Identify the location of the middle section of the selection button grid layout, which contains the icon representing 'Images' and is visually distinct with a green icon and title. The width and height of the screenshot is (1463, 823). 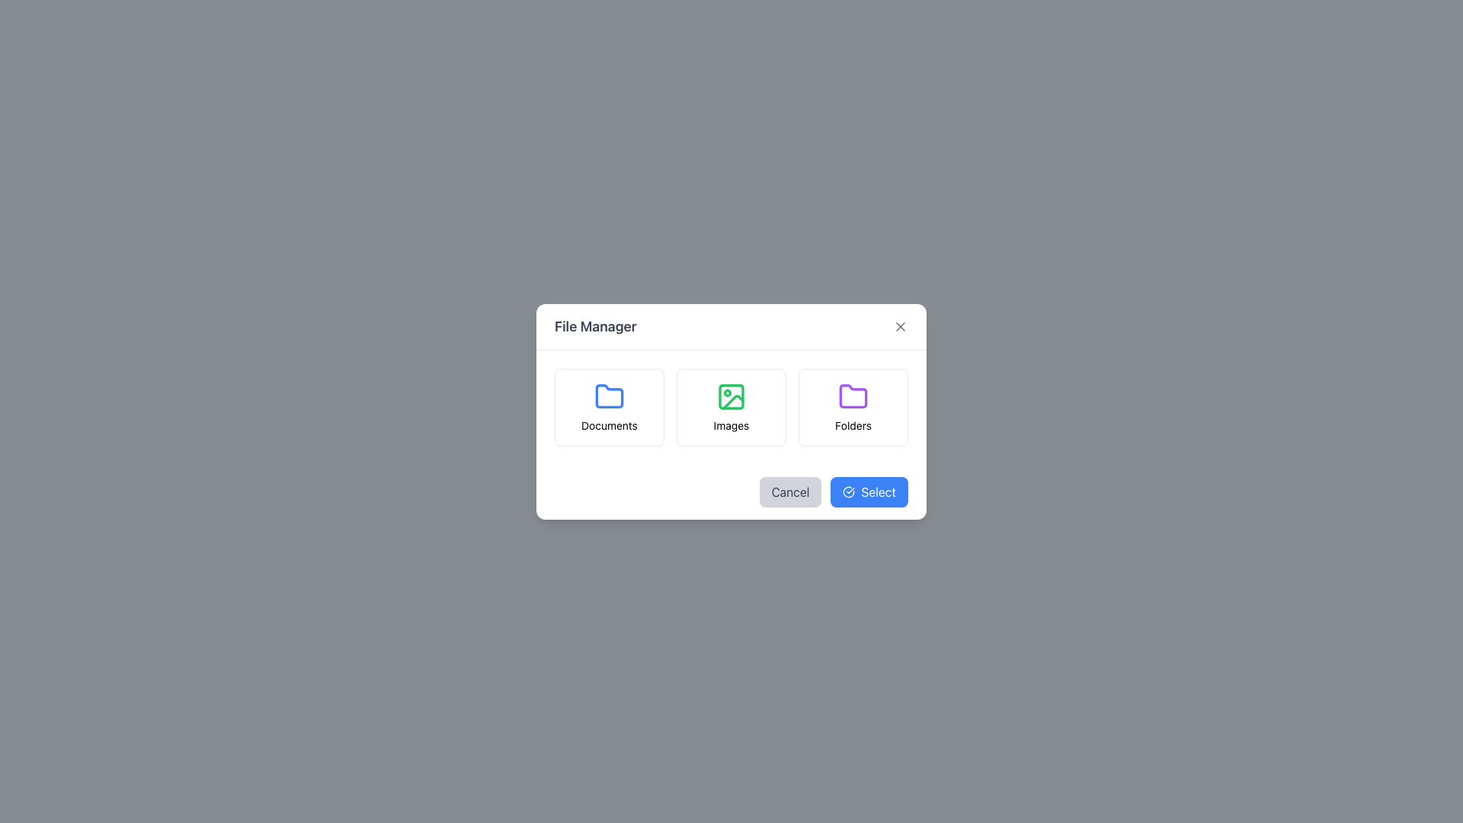
(731, 406).